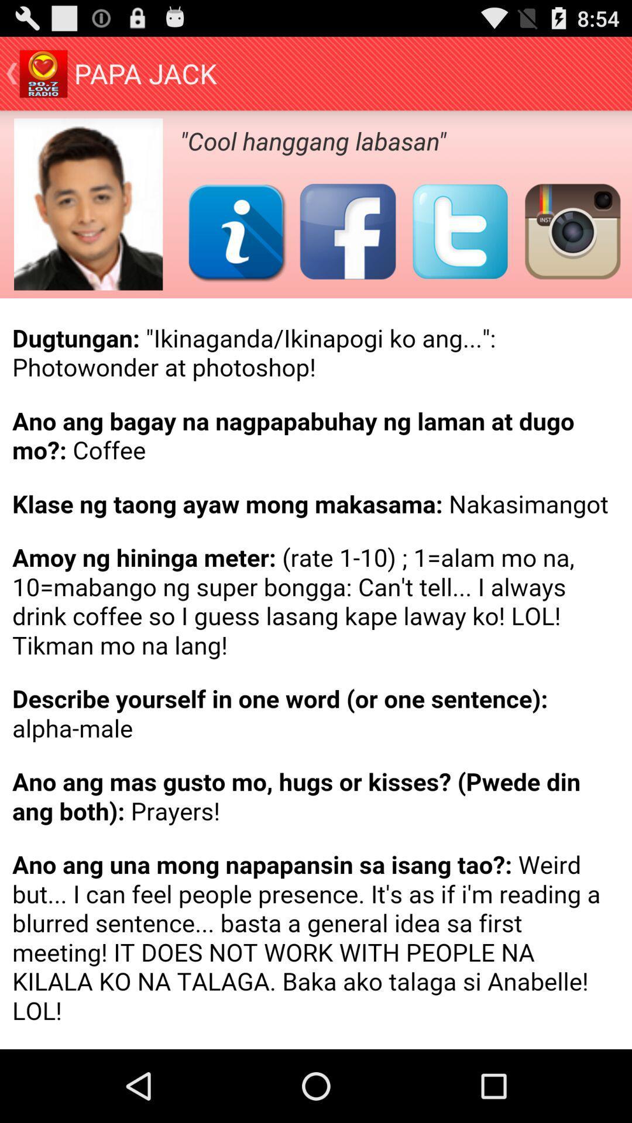  What do you see at coordinates (572, 231) in the screenshot?
I see `this button is for the instagram page` at bounding box center [572, 231].